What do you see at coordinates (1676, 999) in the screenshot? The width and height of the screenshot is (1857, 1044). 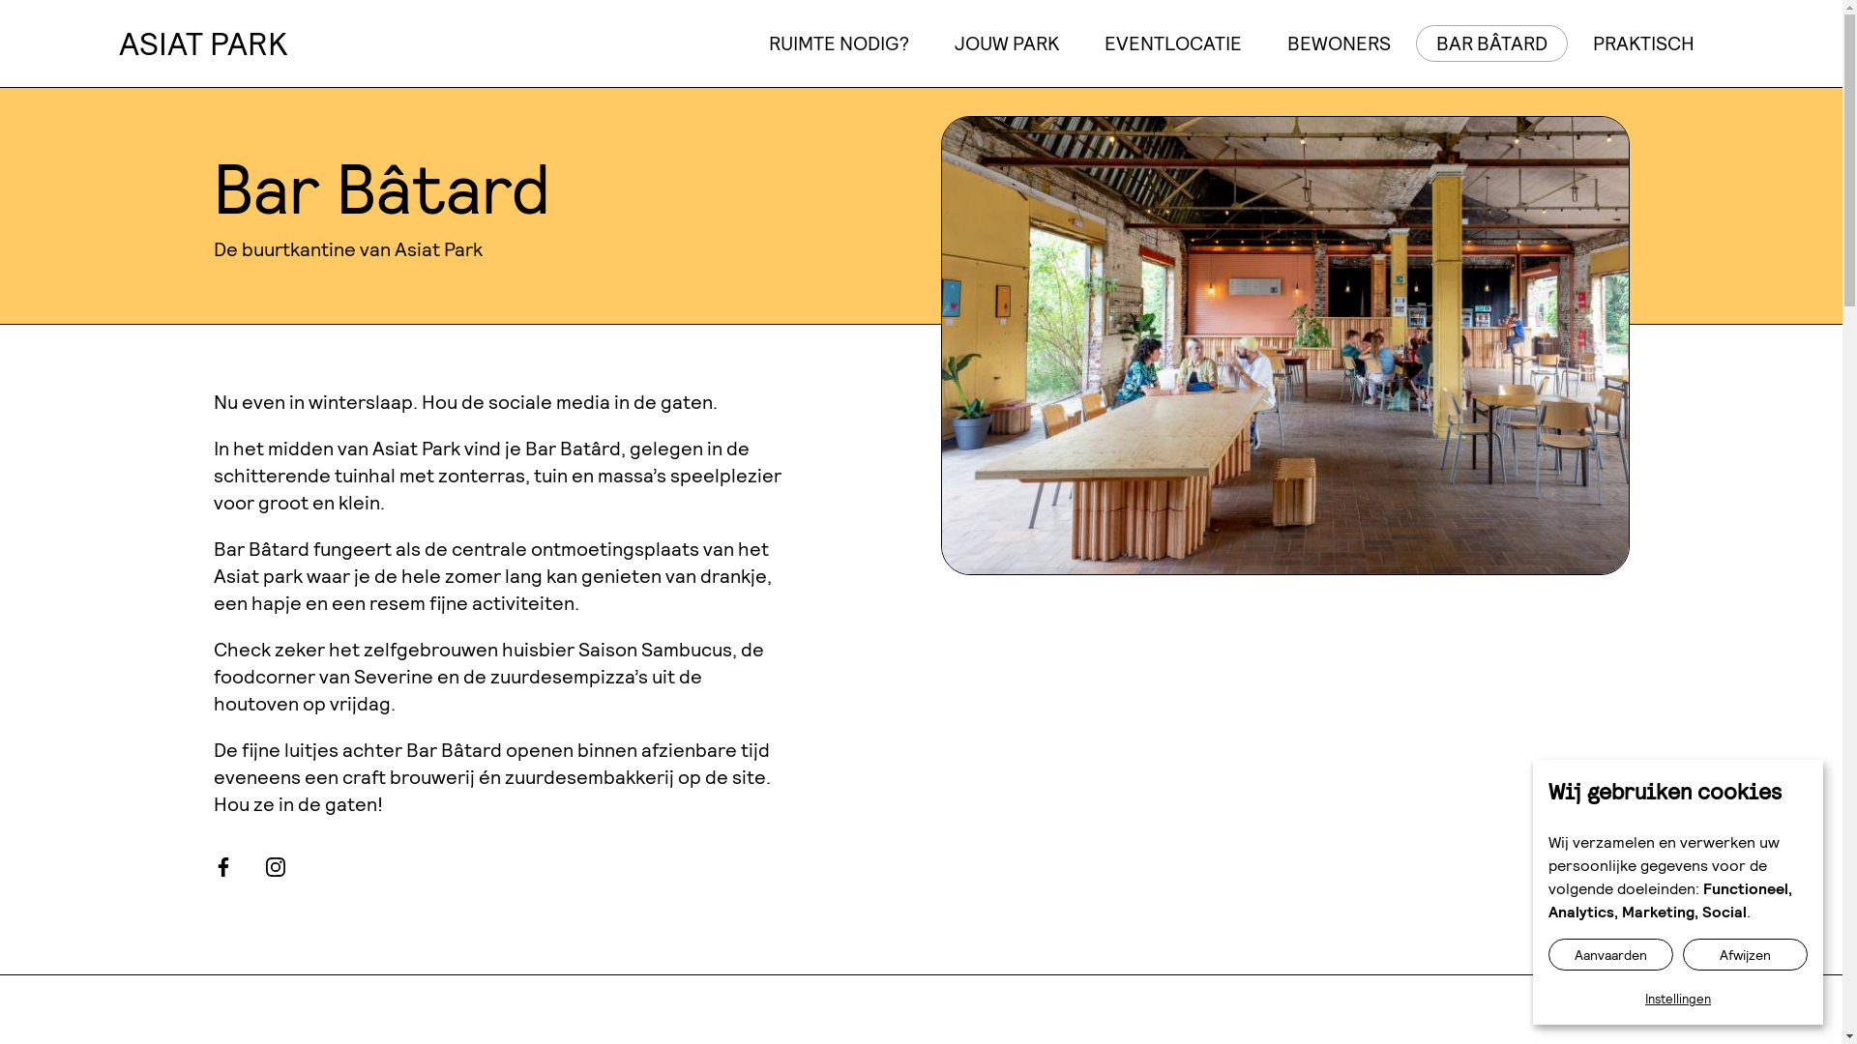 I see `'Instellingen'` at bounding box center [1676, 999].